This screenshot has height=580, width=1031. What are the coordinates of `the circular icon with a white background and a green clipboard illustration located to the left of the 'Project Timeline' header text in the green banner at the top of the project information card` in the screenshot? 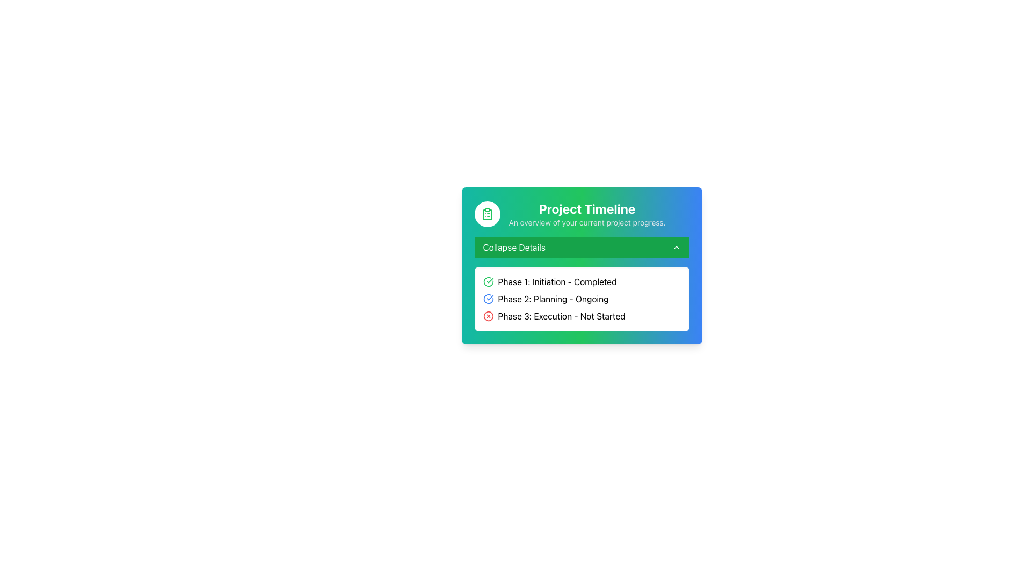 It's located at (487, 214).